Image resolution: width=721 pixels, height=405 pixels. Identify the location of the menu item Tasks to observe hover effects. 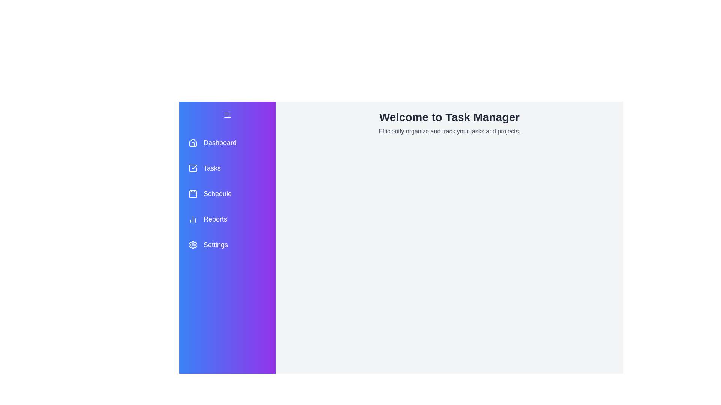
(227, 168).